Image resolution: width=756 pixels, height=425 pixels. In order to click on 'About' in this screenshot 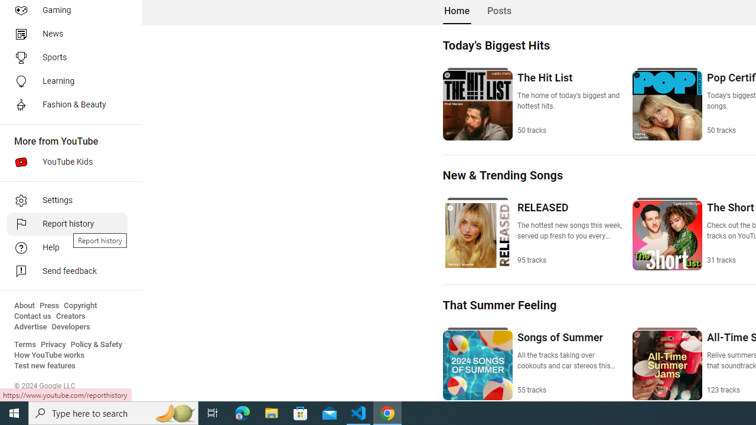, I will do `click(24, 305)`.